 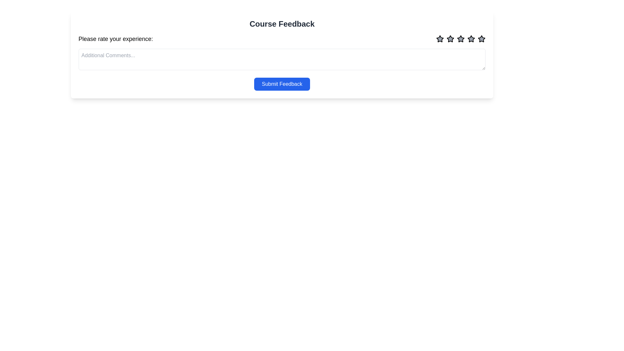 I want to click on the fourth star icon in the horizontal group of six stars for rating purposes, so click(x=461, y=39).